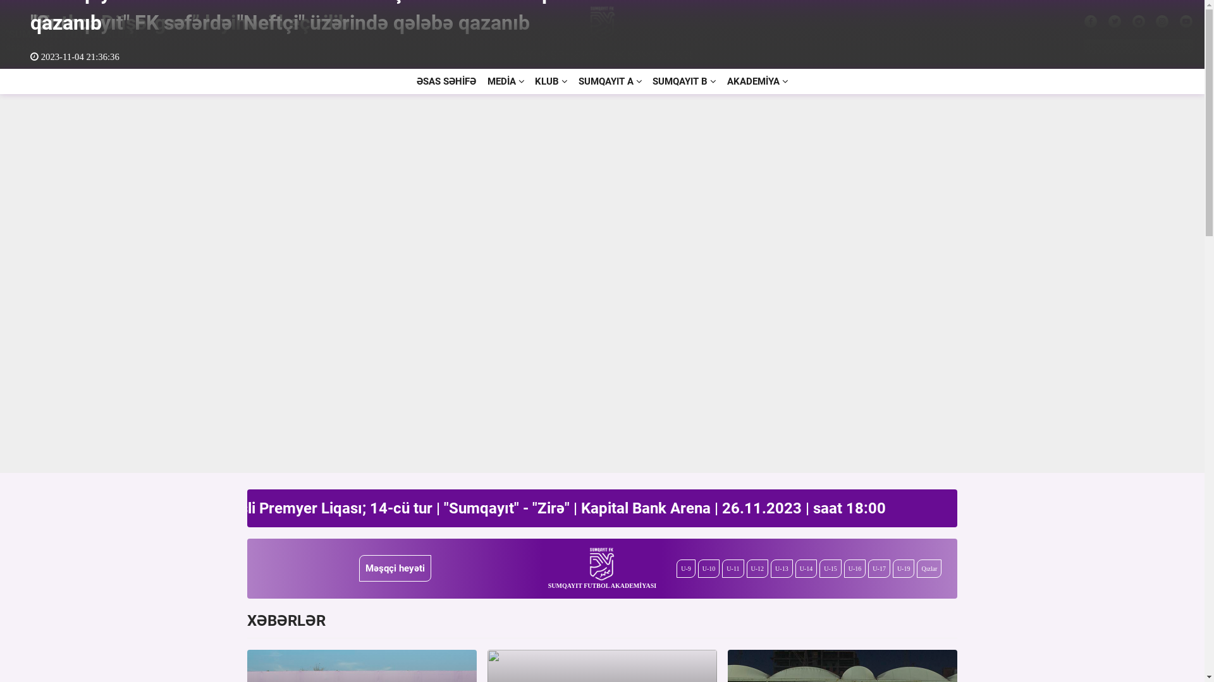  Describe the element at coordinates (551, 81) in the screenshot. I see `'KLUB'` at that location.